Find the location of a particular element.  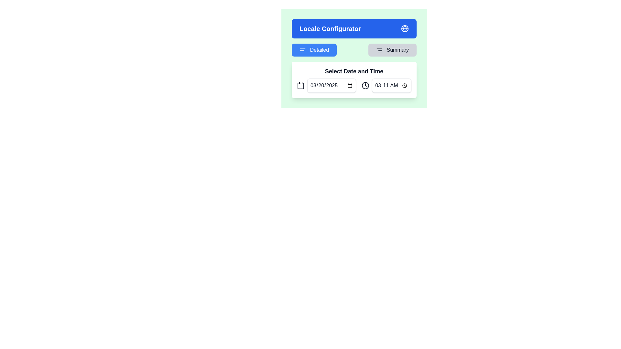

the leftmost button that switches to the detailed configuration interface located below the 'Locale Configurator' header is located at coordinates (314, 49).